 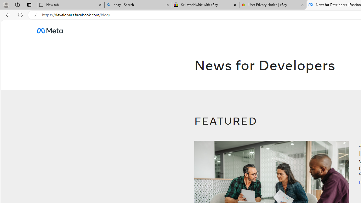 What do you see at coordinates (273, 5) in the screenshot?
I see `'User Privacy Notice | eBay'` at bounding box center [273, 5].